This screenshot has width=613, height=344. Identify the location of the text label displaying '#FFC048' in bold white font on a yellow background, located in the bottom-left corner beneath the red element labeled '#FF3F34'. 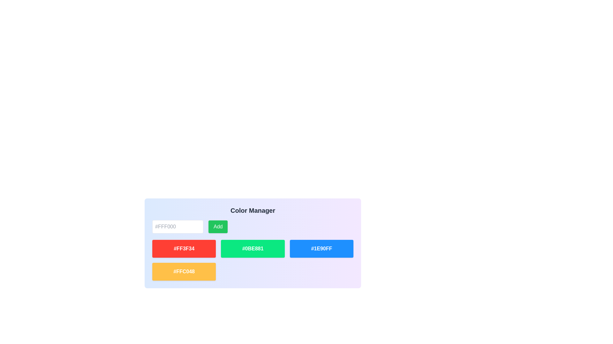
(184, 271).